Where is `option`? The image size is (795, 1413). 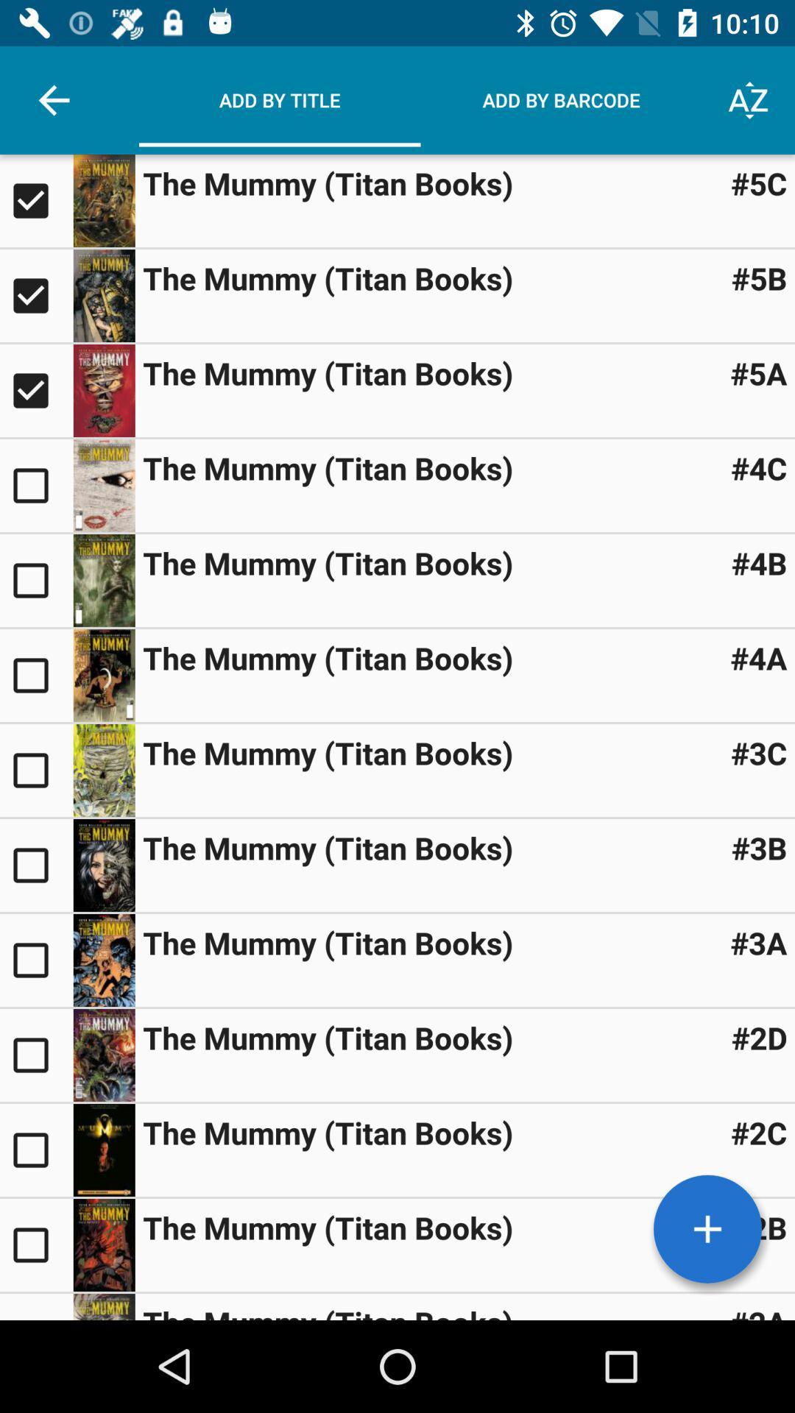
option is located at coordinates (103, 1307).